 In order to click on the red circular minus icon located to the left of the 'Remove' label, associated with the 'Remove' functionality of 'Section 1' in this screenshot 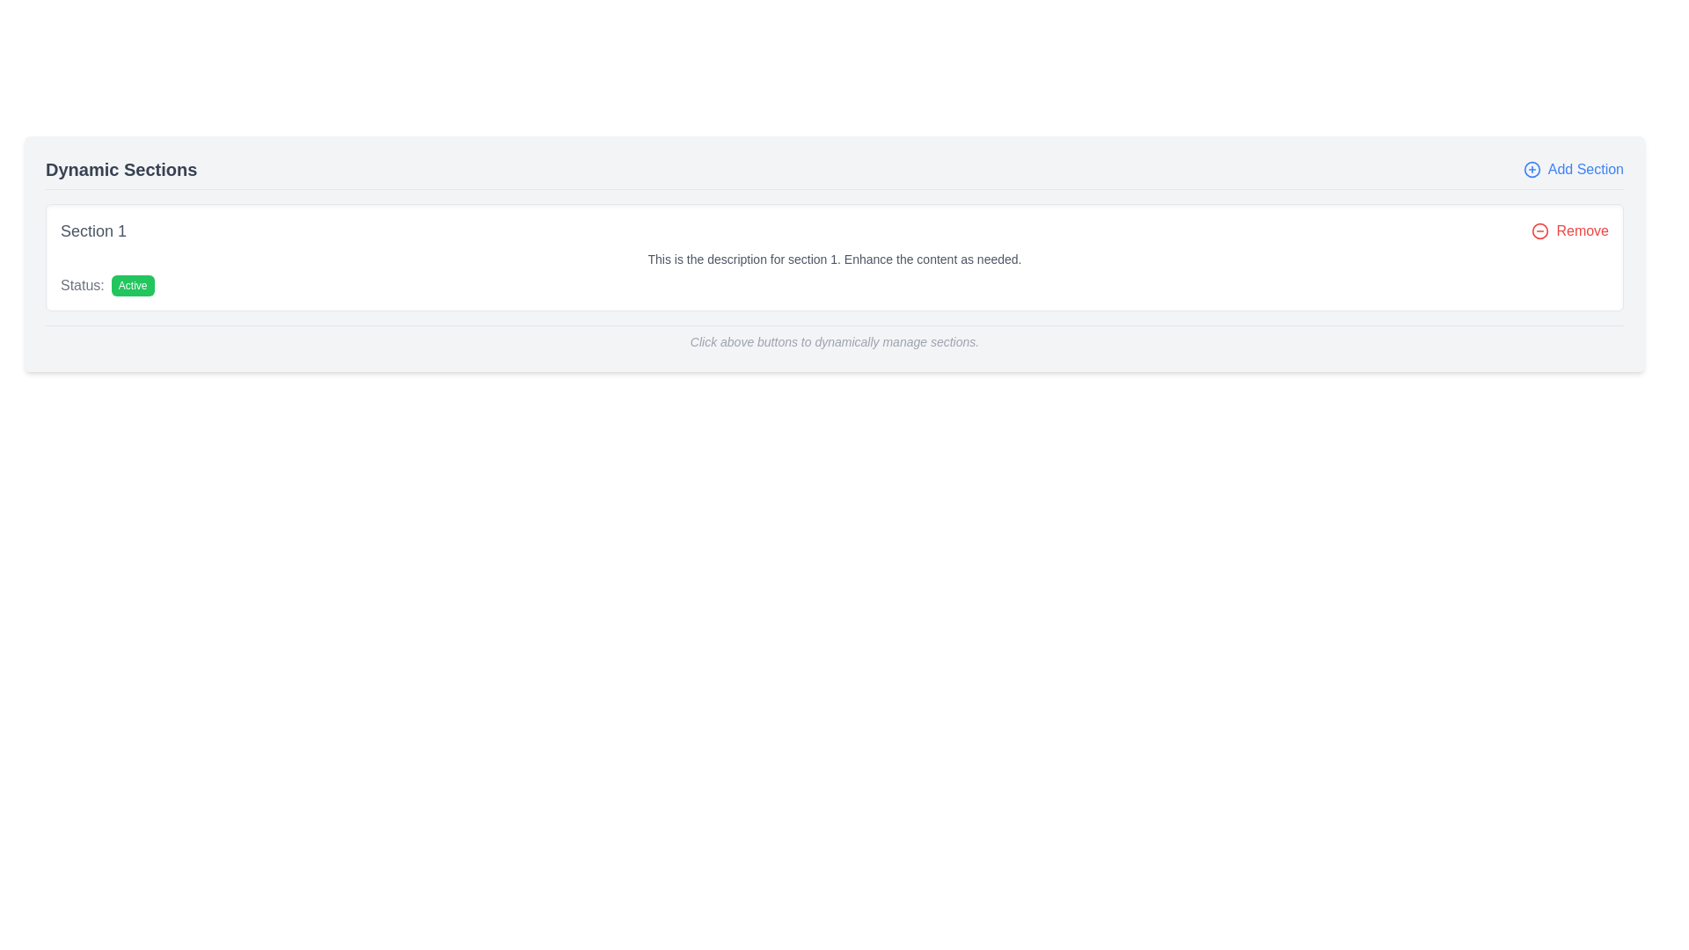, I will do `click(1539, 230)`.